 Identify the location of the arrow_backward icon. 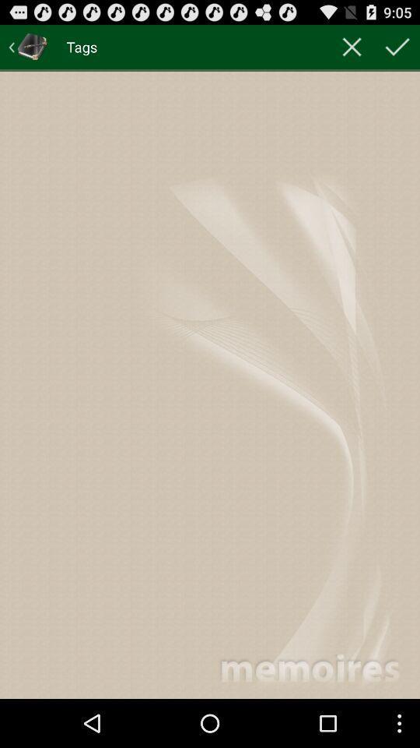
(28, 50).